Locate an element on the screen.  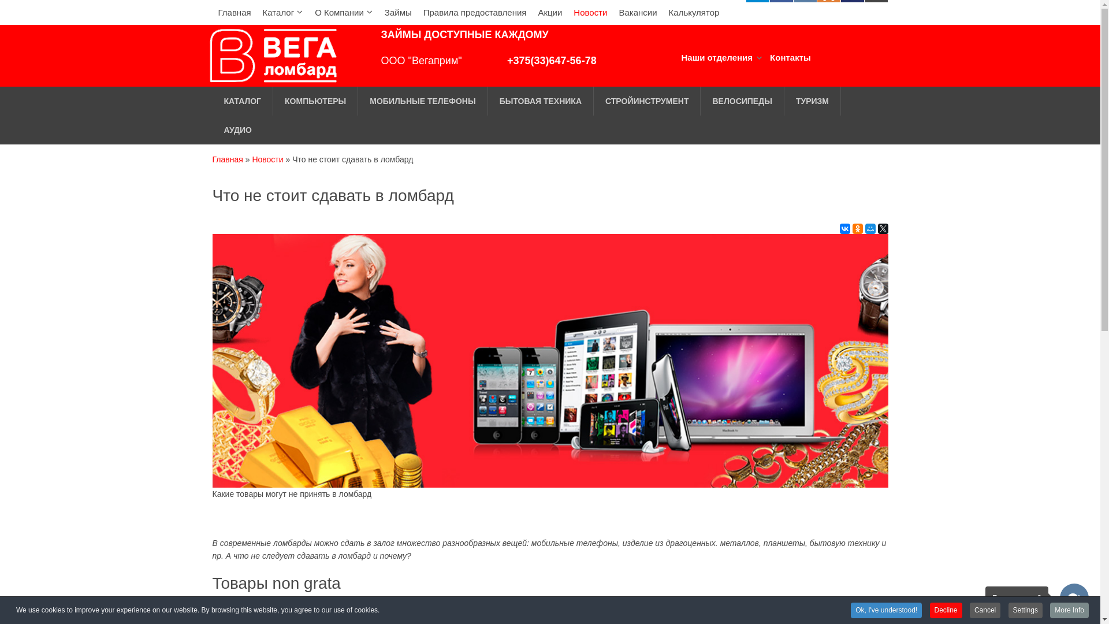
'Settings' is located at coordinates (1025, 610).